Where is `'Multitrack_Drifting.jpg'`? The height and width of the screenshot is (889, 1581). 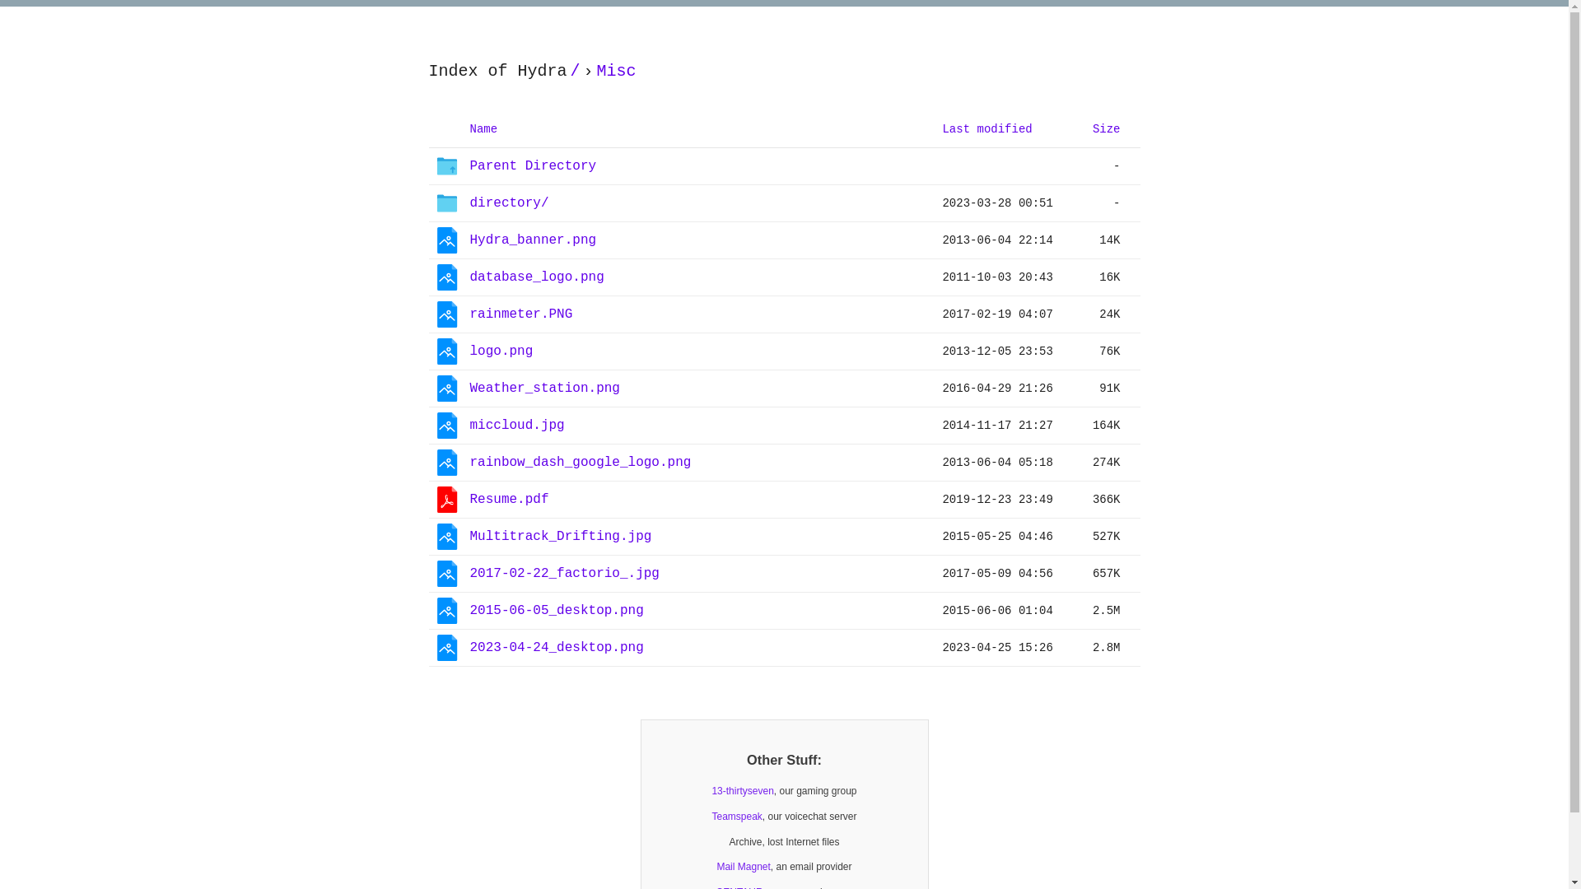 'Multitrack_Drifting.jpg' is located at coordinates (469, 536).